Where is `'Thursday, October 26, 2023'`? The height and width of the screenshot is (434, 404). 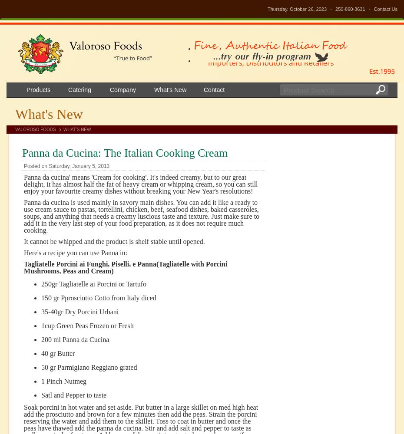 'Thursday, October 26, 2023' is located at coordinates (297, 9).